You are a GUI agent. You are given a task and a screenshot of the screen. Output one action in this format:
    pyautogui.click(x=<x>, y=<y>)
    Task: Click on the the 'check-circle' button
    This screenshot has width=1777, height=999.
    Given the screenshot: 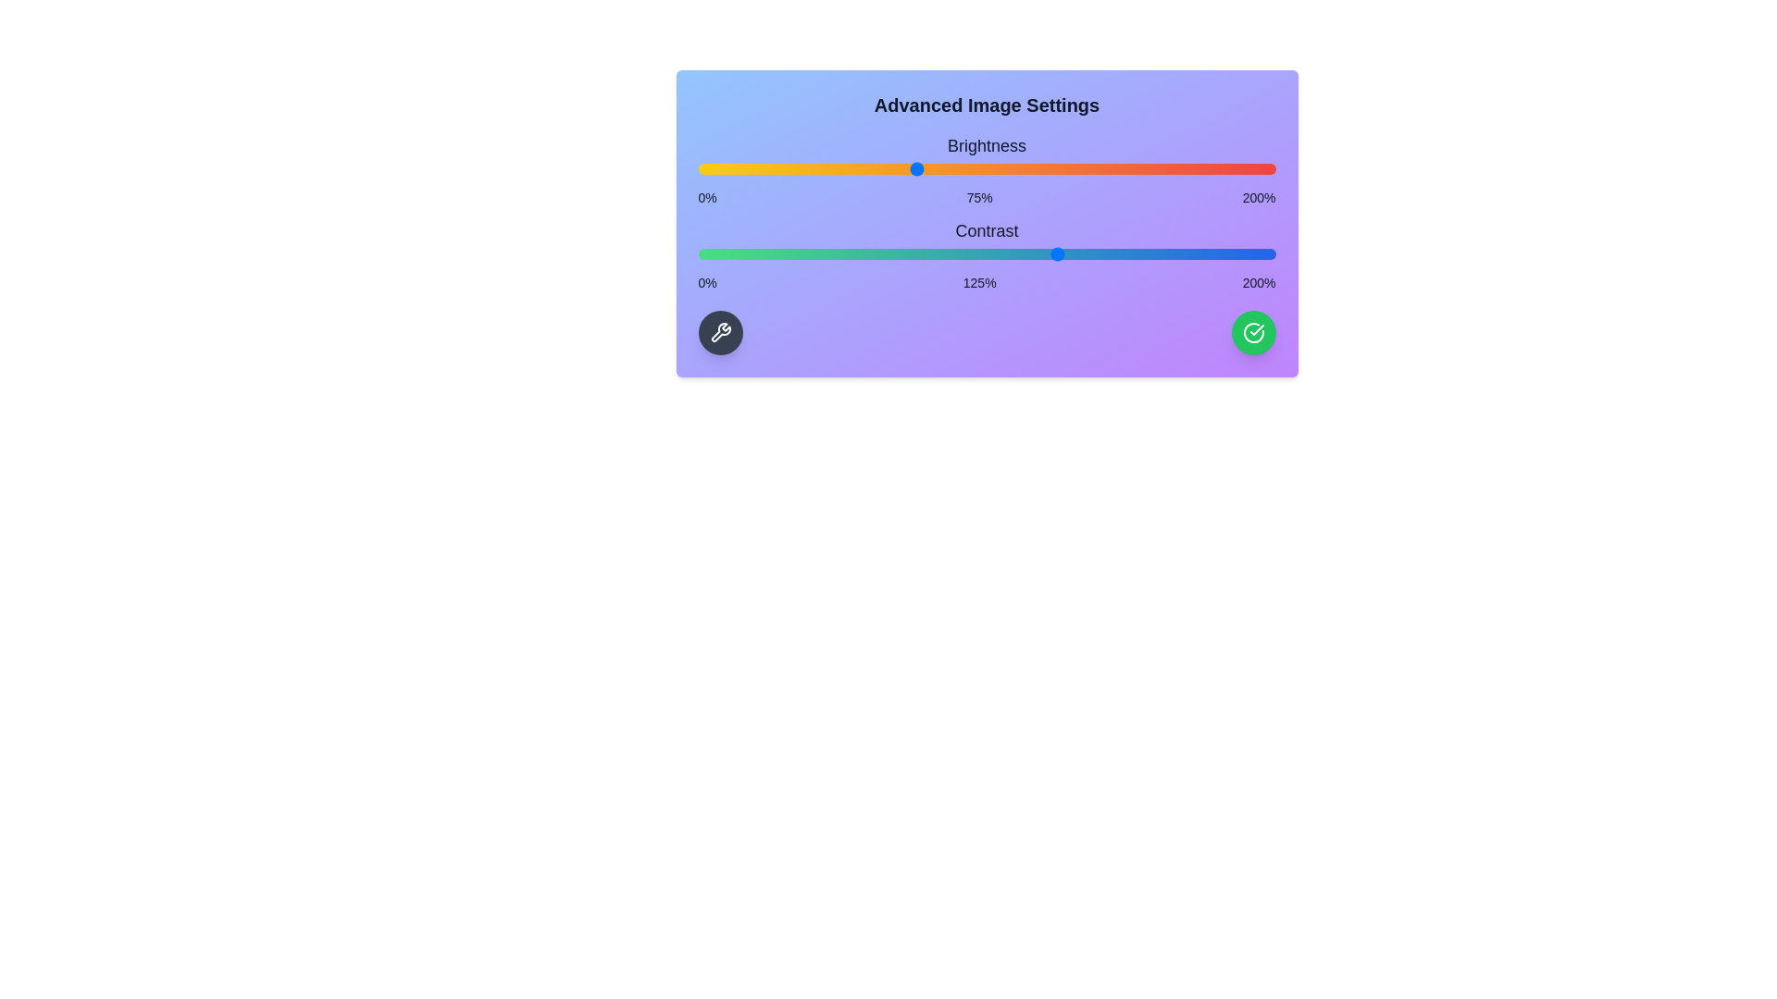 What is the action you would take?
    pyautogui.click(x=1253, y=331)
    